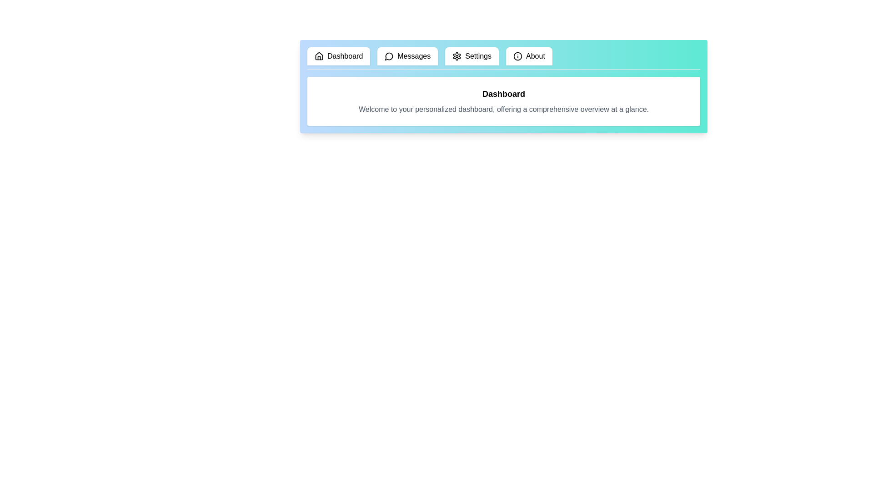 The width and height of the screenshot is (873, 491). Describe the element at coordinates (319, 56) in the screenshot. I see `the icon of the tab labeled Dashboard` at that location.